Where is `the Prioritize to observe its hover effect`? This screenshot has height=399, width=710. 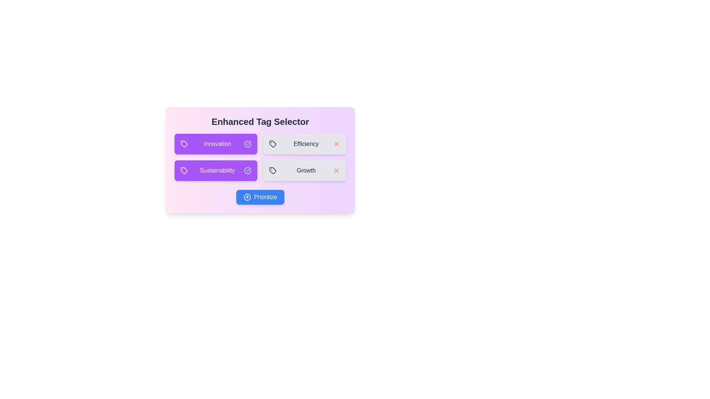
the Prioritize to observe its hover effect is located at coordinates (260, 197).